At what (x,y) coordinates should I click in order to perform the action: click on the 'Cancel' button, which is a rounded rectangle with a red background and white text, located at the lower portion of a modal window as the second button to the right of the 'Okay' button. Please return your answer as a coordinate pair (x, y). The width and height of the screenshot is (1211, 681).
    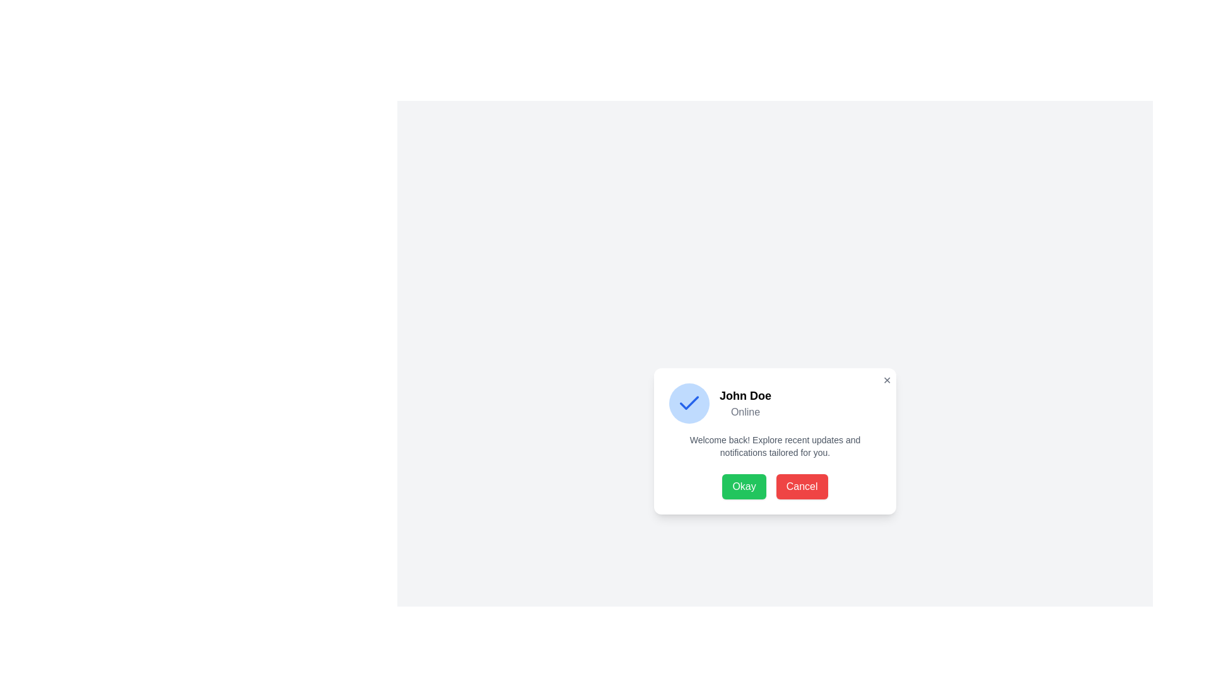
    Looking at the image, I should click on (801, 486).